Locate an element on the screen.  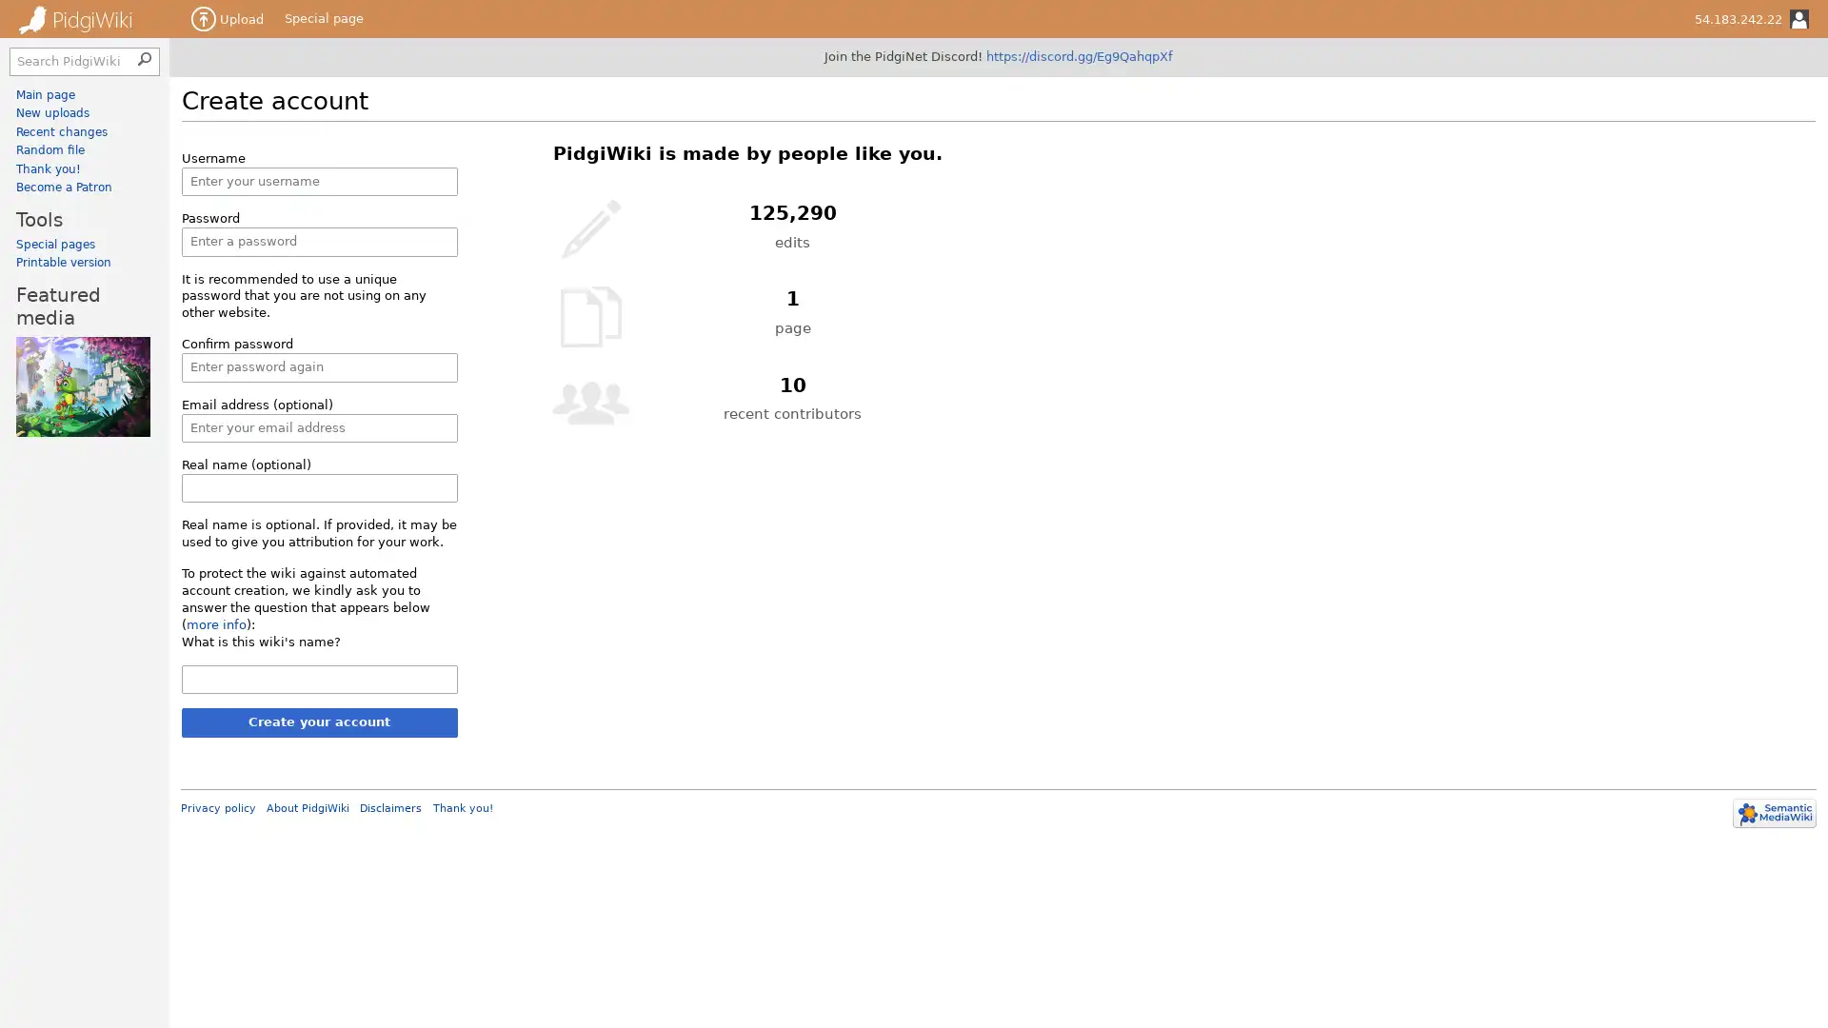
Search is located at coordinates (146, 56).